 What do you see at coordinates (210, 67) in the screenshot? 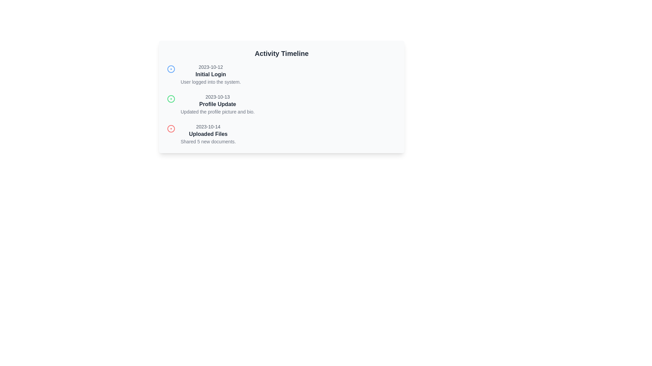
I see `the date text label located above the headline 'Initial Login' in the activity timeline` at bounding box center [210, 67].